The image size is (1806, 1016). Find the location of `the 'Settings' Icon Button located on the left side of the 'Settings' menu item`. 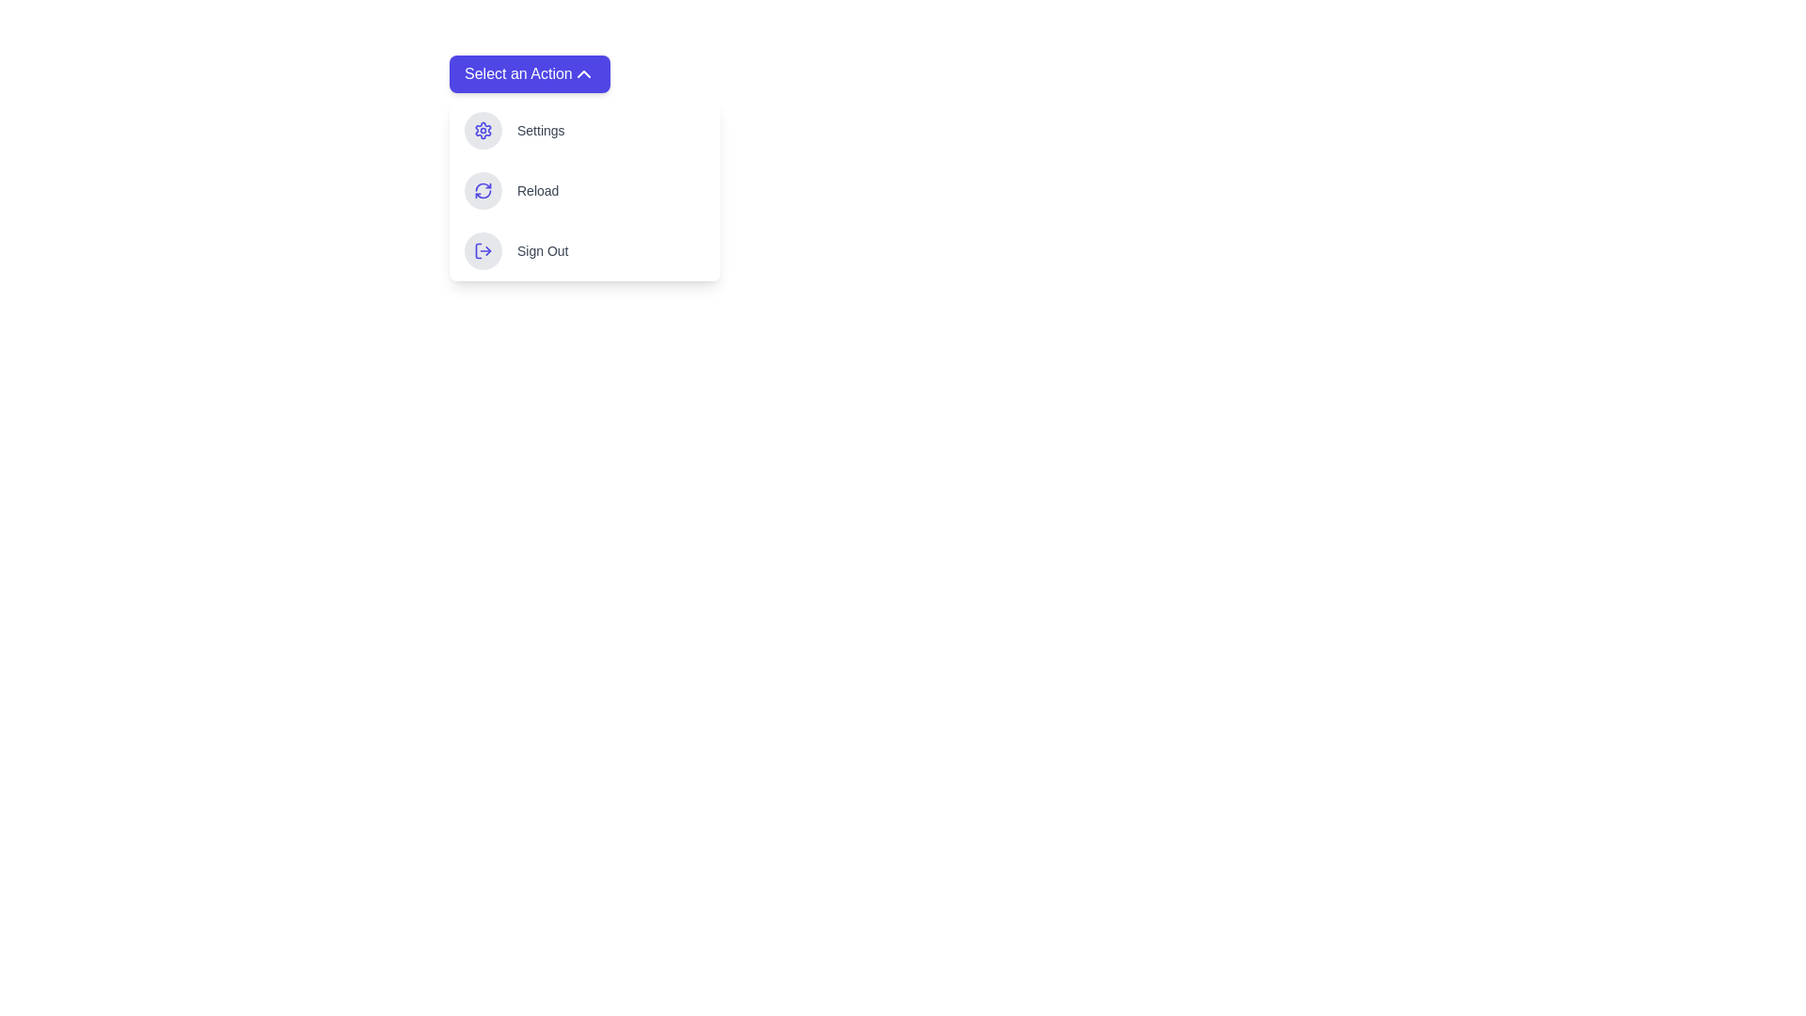

the 'Settings' Icon Button located on the left side of the 'Settings' menu item is located at coordinates (483, 129).